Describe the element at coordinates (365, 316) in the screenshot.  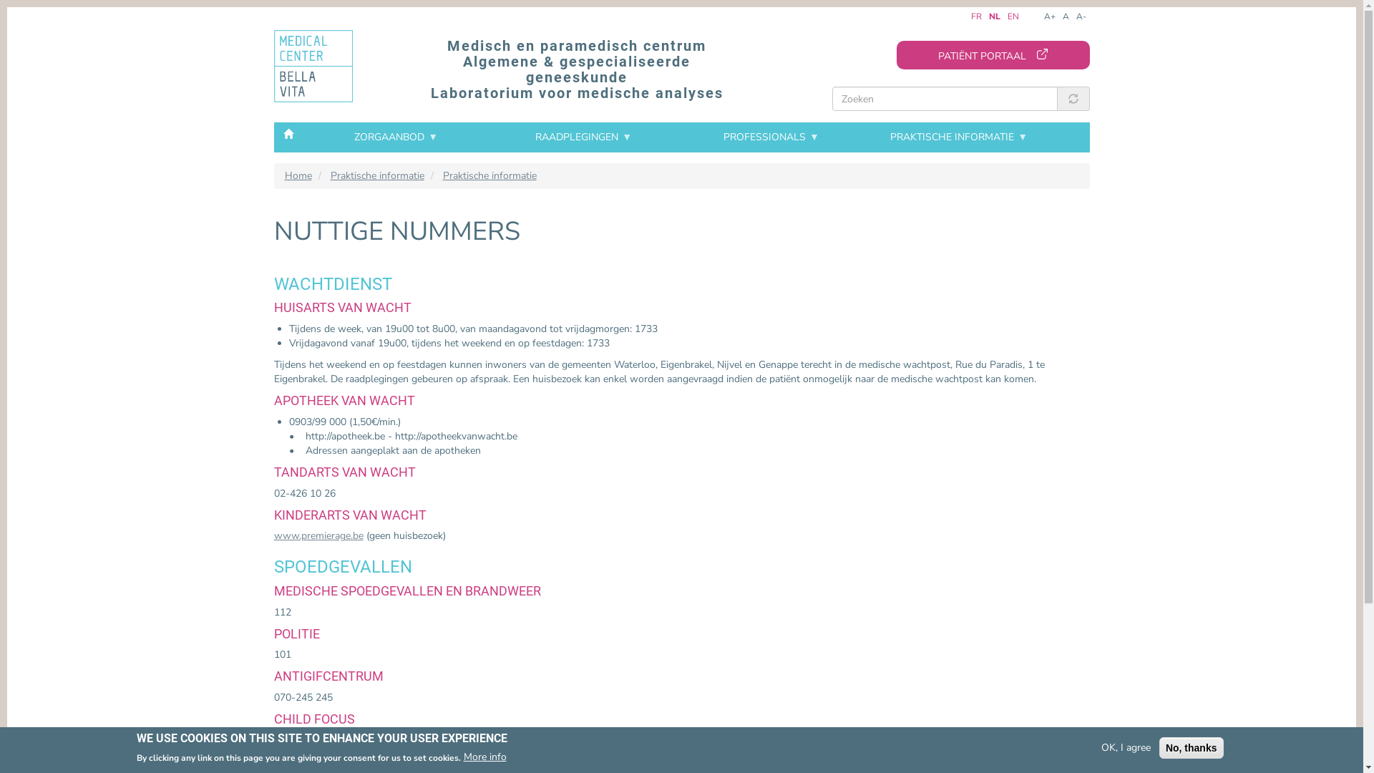
I see `'VEELGESTELDE VRAGEN'` at that location.